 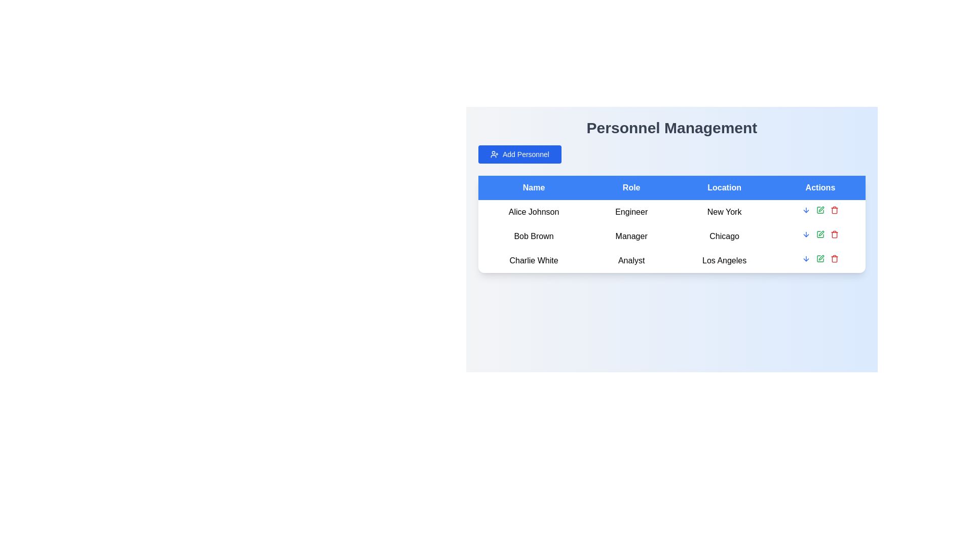 What do you see at coordinates (724, 260) in the screenshot?
I see `the table cell containing the location information 'Los Angeles' for the entity 'Charlie White' in the 'Location' column` at bounding box center [724, 260].